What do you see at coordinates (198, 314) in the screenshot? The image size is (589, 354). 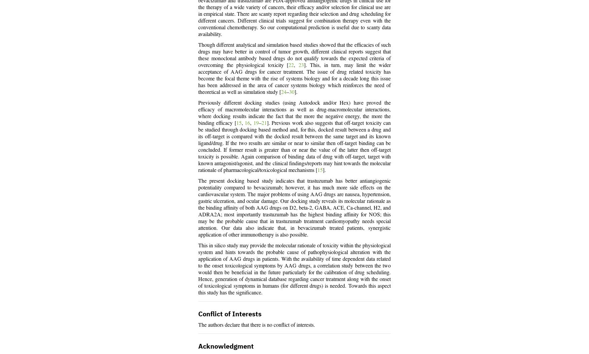 I see `'Conflict of Interests'` at bounding box center [198, 314].